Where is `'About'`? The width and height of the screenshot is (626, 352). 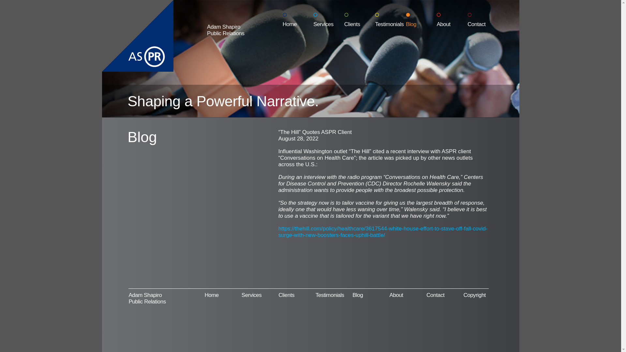 'About' is located at coordinates (452, 20).